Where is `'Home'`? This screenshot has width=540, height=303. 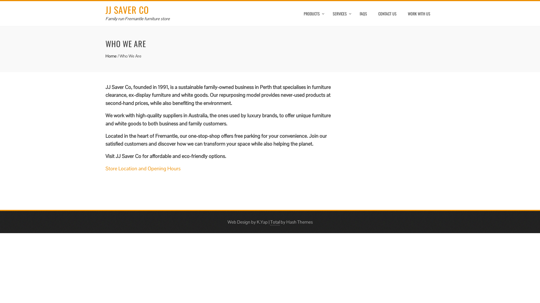
'Home' is located at coordinates (111, 56).